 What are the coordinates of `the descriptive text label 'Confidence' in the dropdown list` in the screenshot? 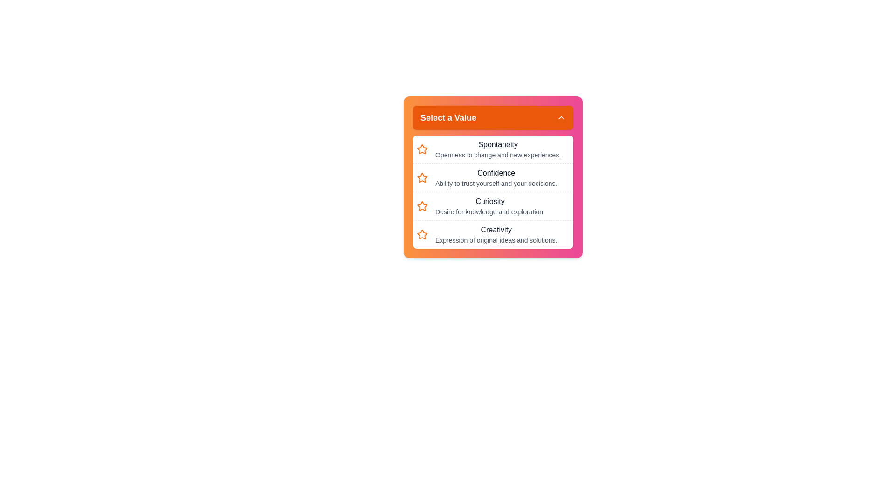 It's located at (496, 177).